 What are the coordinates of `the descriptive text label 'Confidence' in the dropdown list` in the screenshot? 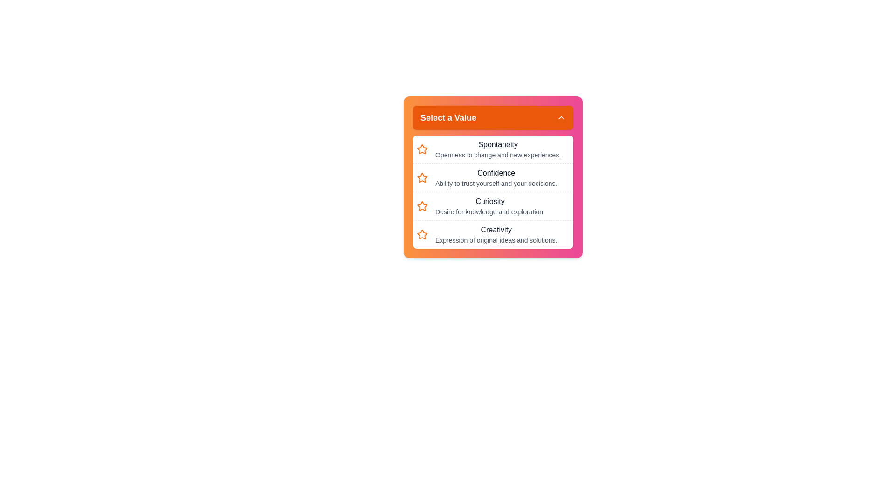 It's located at (496, 177).